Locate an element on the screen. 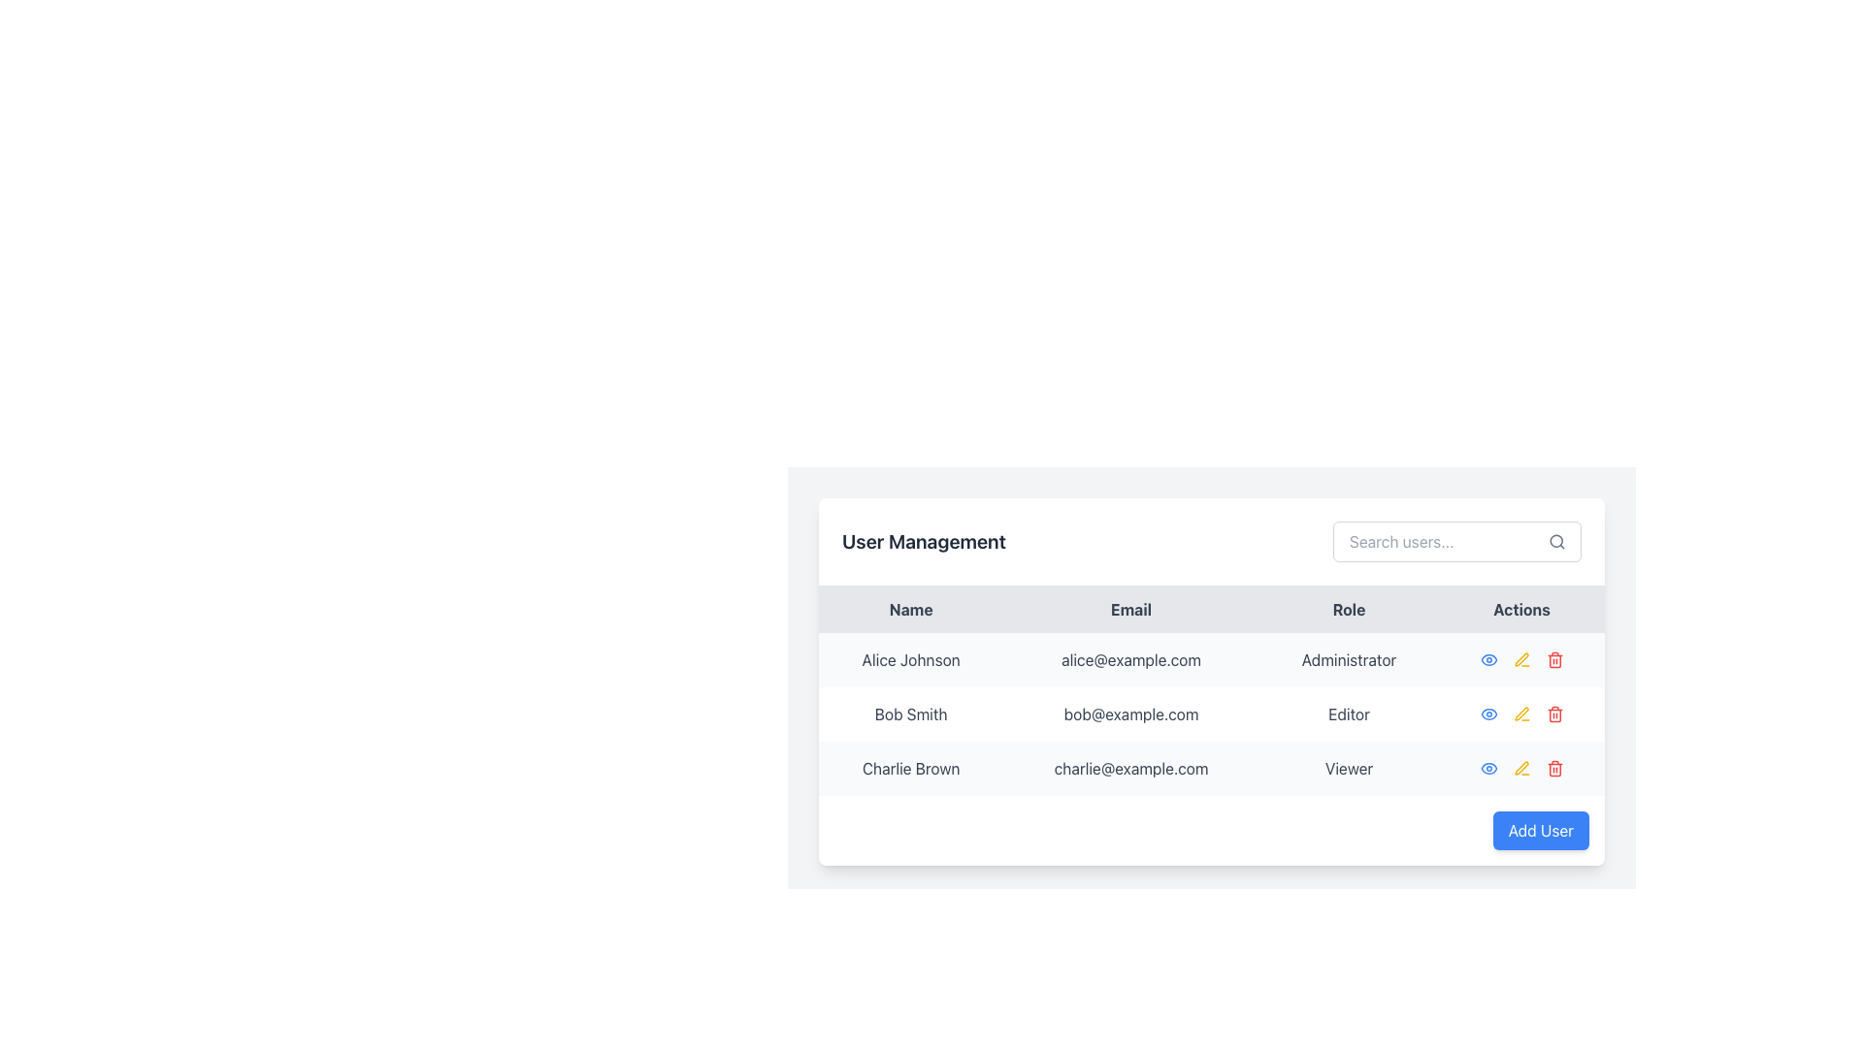 The image size is (1863, 1047). the text label displaying 'Alice Johnson' is located at coordinates (910, 659).